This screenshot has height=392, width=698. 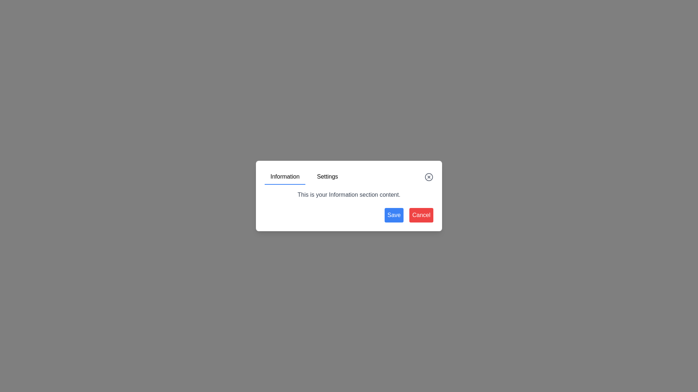 I want to click on the close button, which is a circular icon with a cross inside, located in the top-right corner of the modal dialog box, so click(x=429, y=177).